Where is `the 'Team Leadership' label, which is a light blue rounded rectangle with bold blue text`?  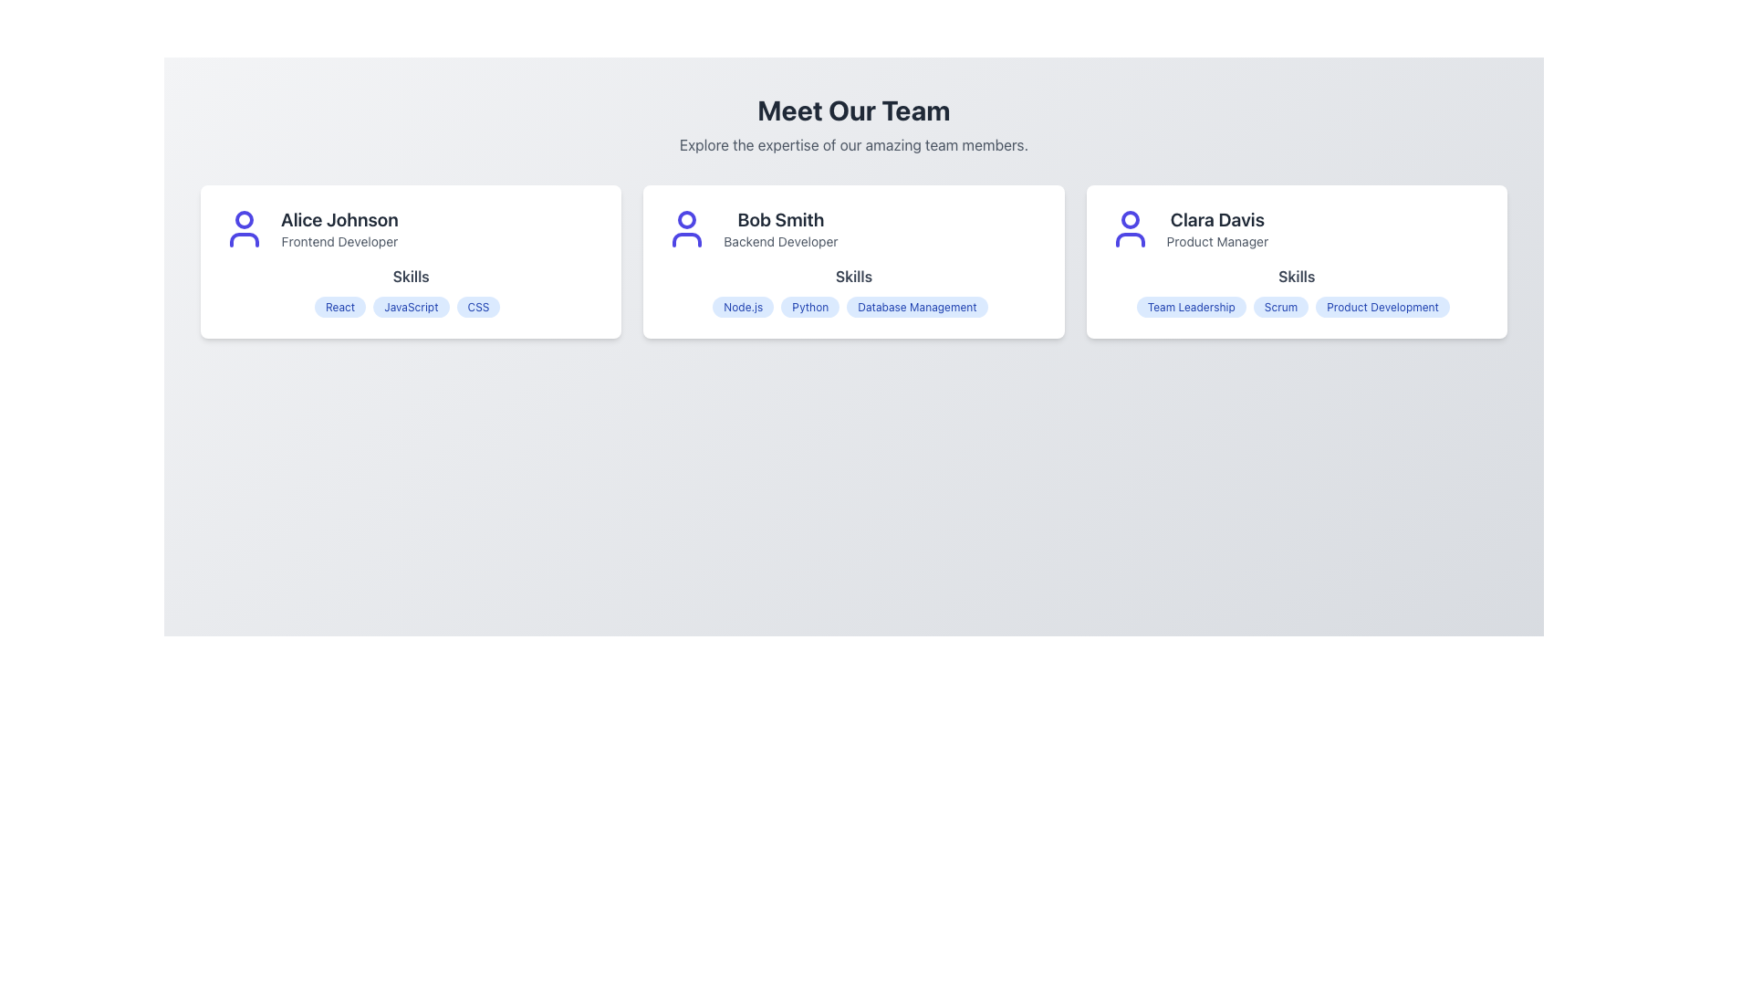
the 'Team Leadership' label, which is a light blue rounded rectangle with bold blue text is located at coordinates (1191, 306).